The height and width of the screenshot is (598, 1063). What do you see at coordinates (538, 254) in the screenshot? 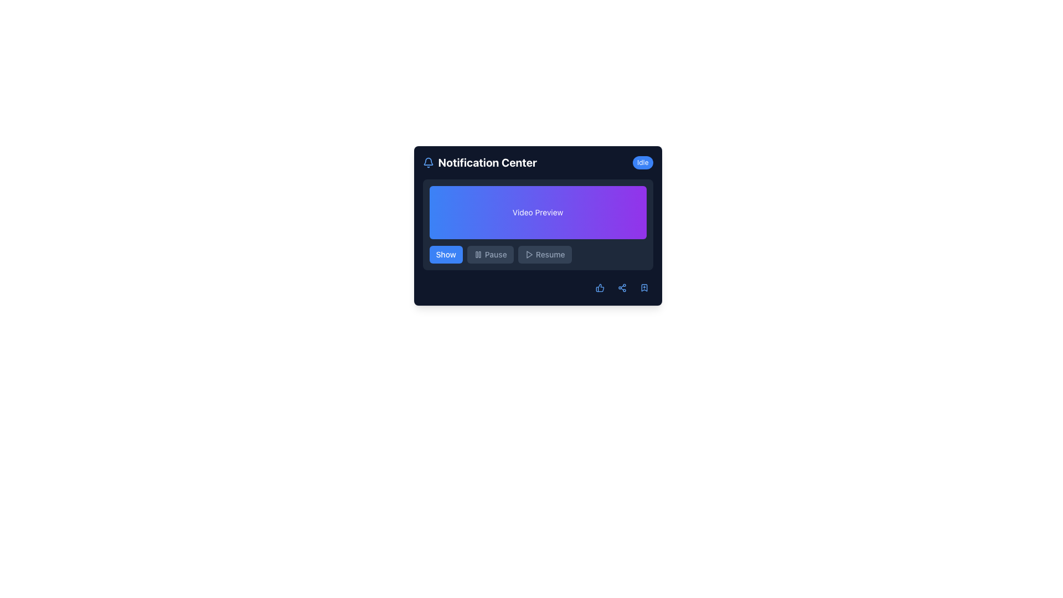
I see `the 'Resume' button, which is the third button in the button group located near the bottom of the 'Video Preview' section` at bounding box center [538, 254].